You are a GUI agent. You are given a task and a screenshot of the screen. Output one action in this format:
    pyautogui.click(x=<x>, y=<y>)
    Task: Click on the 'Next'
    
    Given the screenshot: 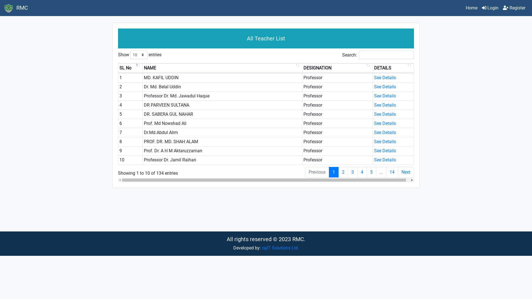 What is the action you would take?
    pyautogui.click(x=406, y=172)
    